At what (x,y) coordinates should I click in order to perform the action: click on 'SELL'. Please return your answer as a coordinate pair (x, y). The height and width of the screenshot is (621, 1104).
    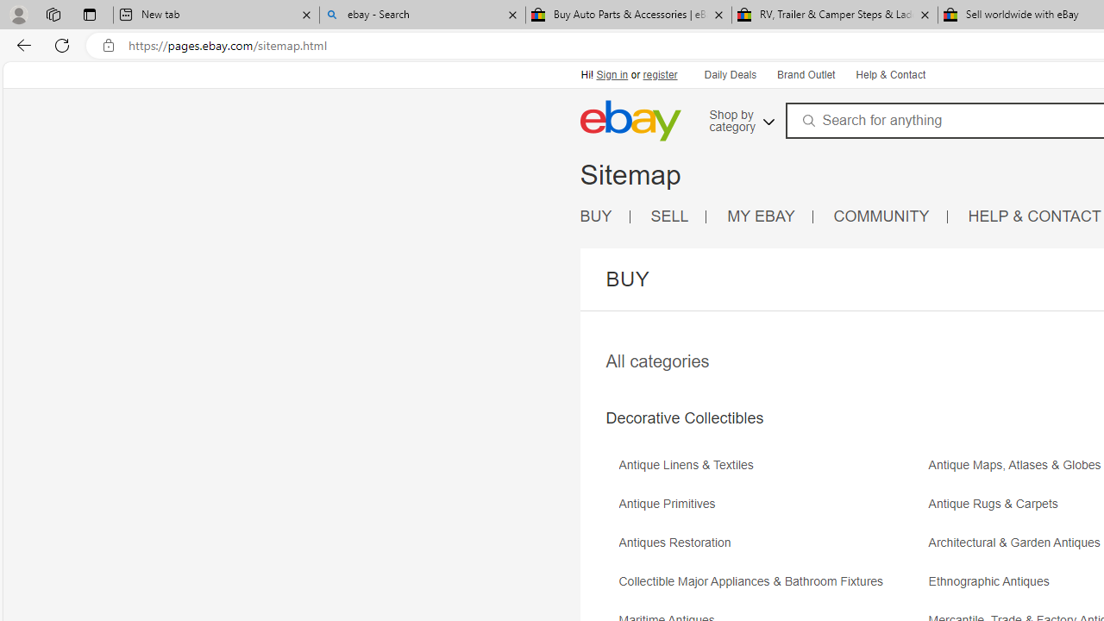
    Looking at the image, I should click on (668, 215).